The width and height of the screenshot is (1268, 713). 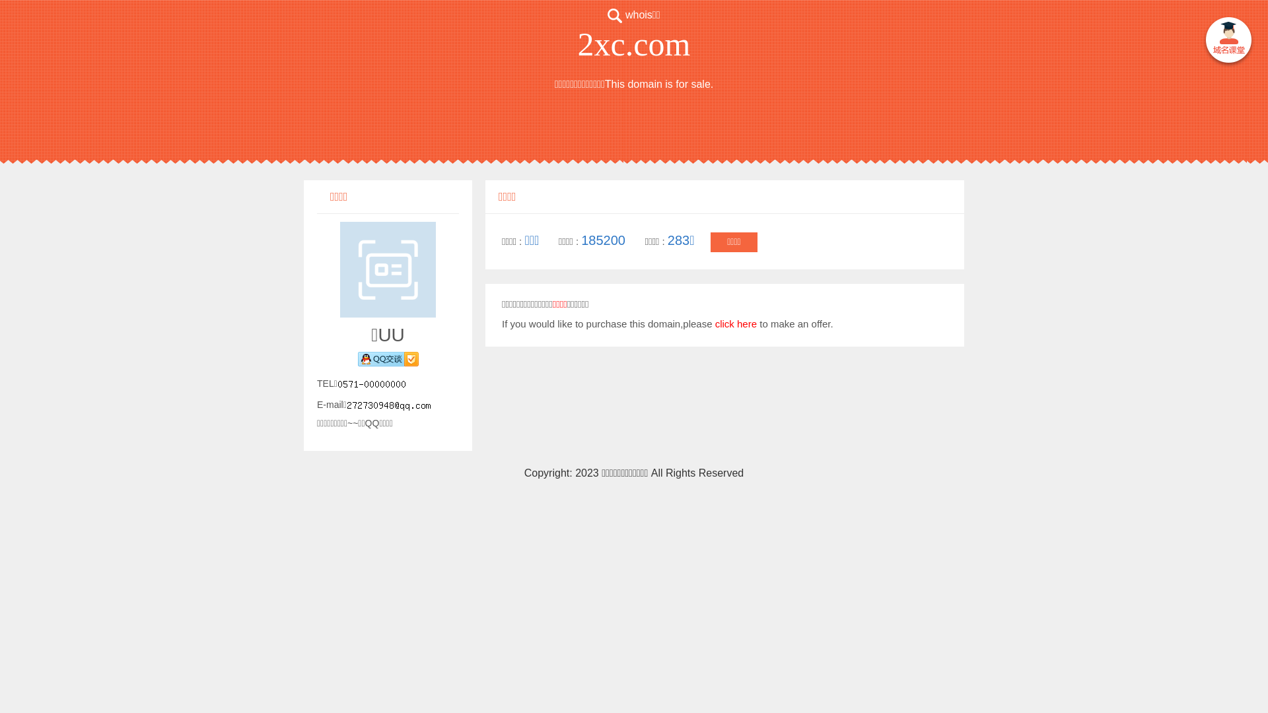 What do you see at coordinates (1228, 41) in the screenshot?
I see `' '` at bounding box center [1228, 41].